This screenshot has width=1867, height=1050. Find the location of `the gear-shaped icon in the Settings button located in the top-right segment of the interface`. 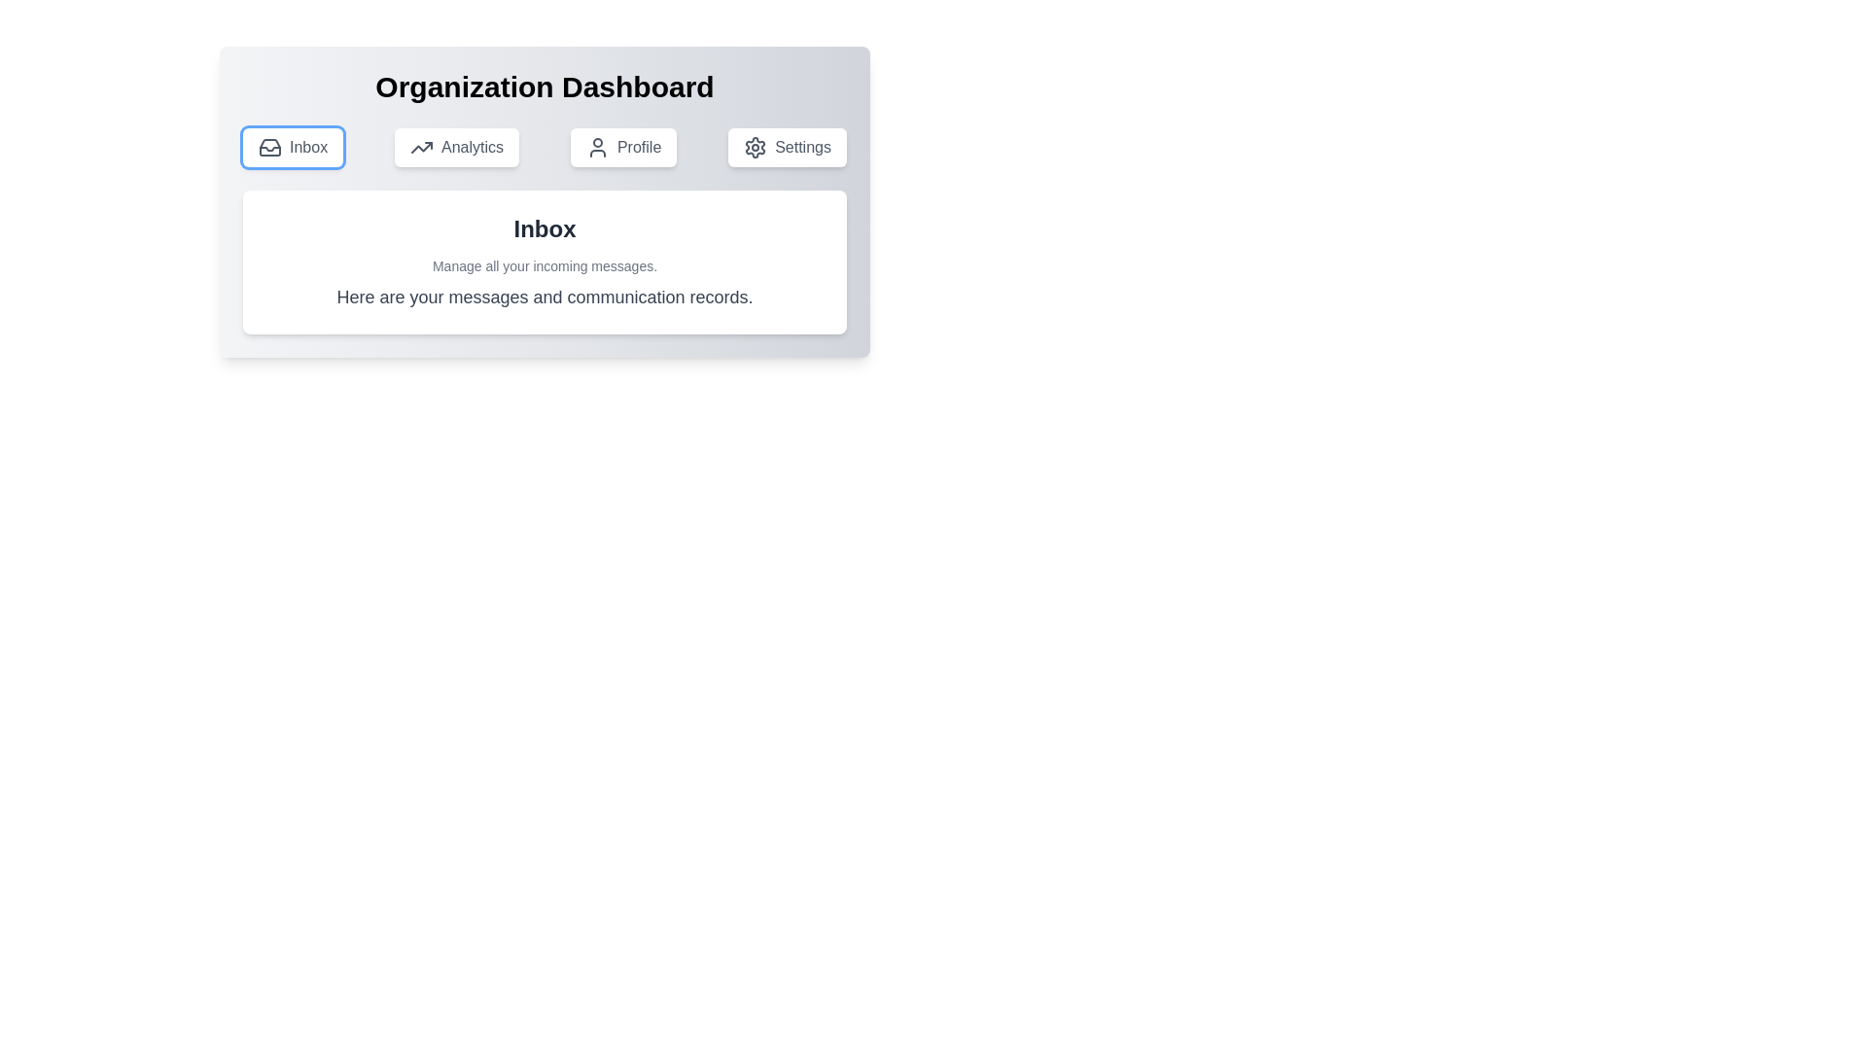

the gear-shaped icon in the Settings button located in the top-right segment of the interface is located at coordinates (755, 146).